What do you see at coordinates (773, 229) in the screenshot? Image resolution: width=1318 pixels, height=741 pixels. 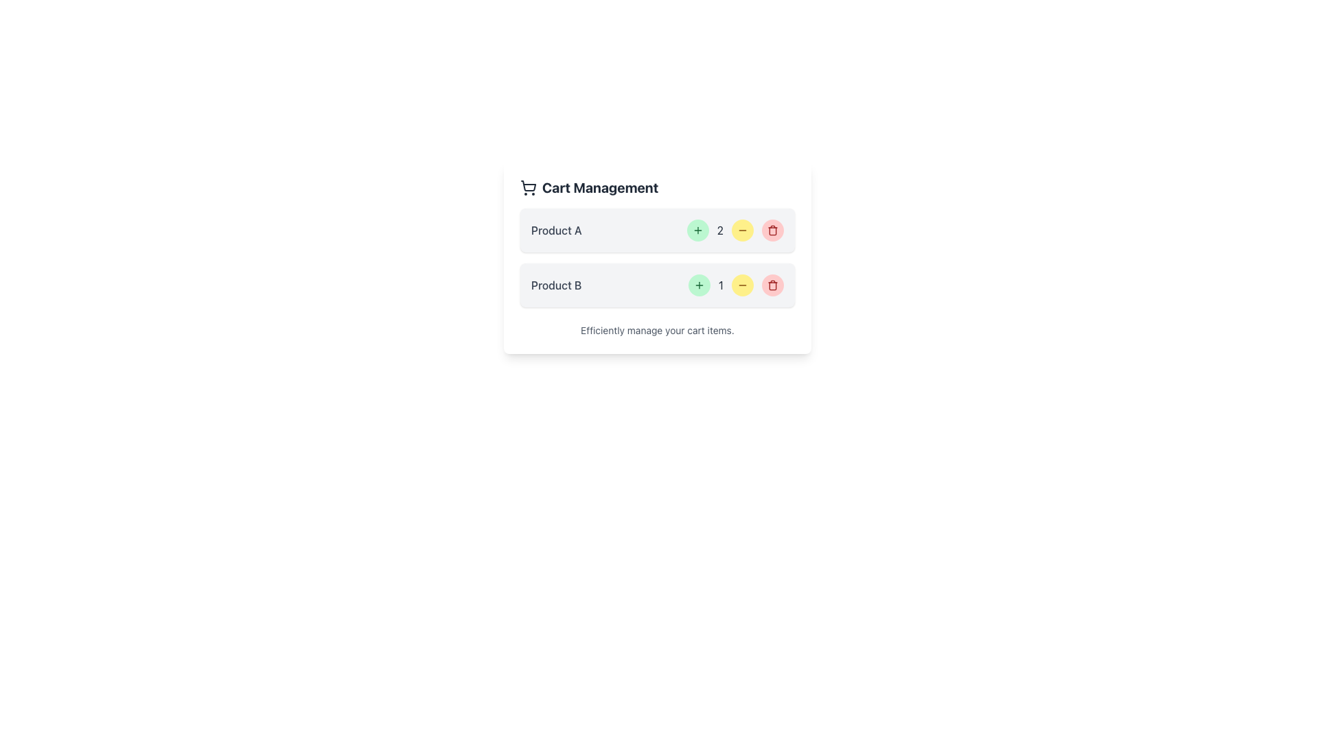 I see `the red trash bin icon in the 'Product A' section` at bounding box center [773, 229].